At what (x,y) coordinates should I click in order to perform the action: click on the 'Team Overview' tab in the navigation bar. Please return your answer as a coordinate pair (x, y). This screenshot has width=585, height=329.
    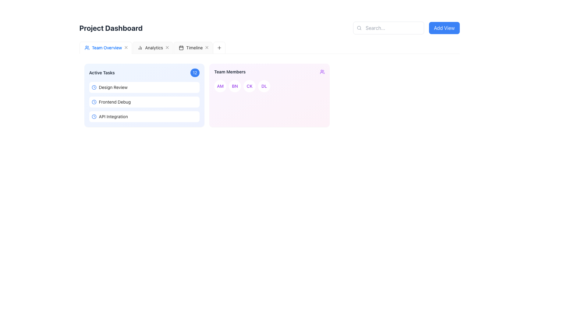
    Looking at the image, I should click on (105, 48).